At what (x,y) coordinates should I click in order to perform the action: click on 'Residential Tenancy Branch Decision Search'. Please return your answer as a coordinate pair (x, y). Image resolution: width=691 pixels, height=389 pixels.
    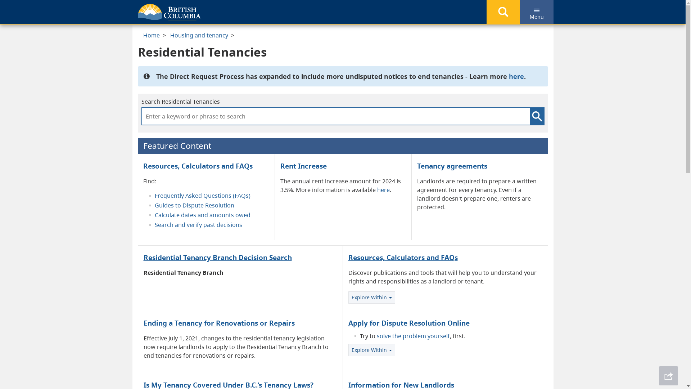
    Looking at the image, I should click on (217, 257).